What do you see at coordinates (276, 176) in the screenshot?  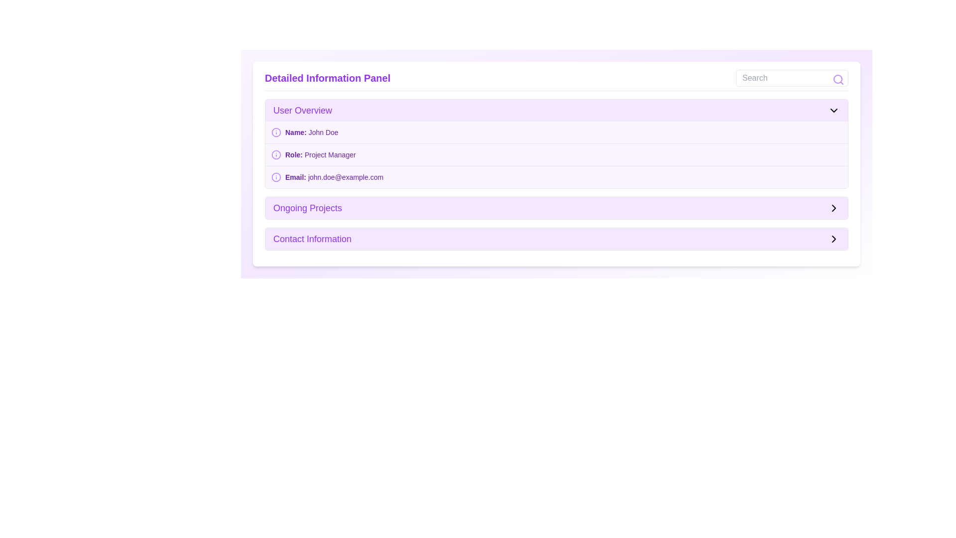 I see `the purple circular info icon located to the left of the 'Email:' label` at bounding box center [276, 176].